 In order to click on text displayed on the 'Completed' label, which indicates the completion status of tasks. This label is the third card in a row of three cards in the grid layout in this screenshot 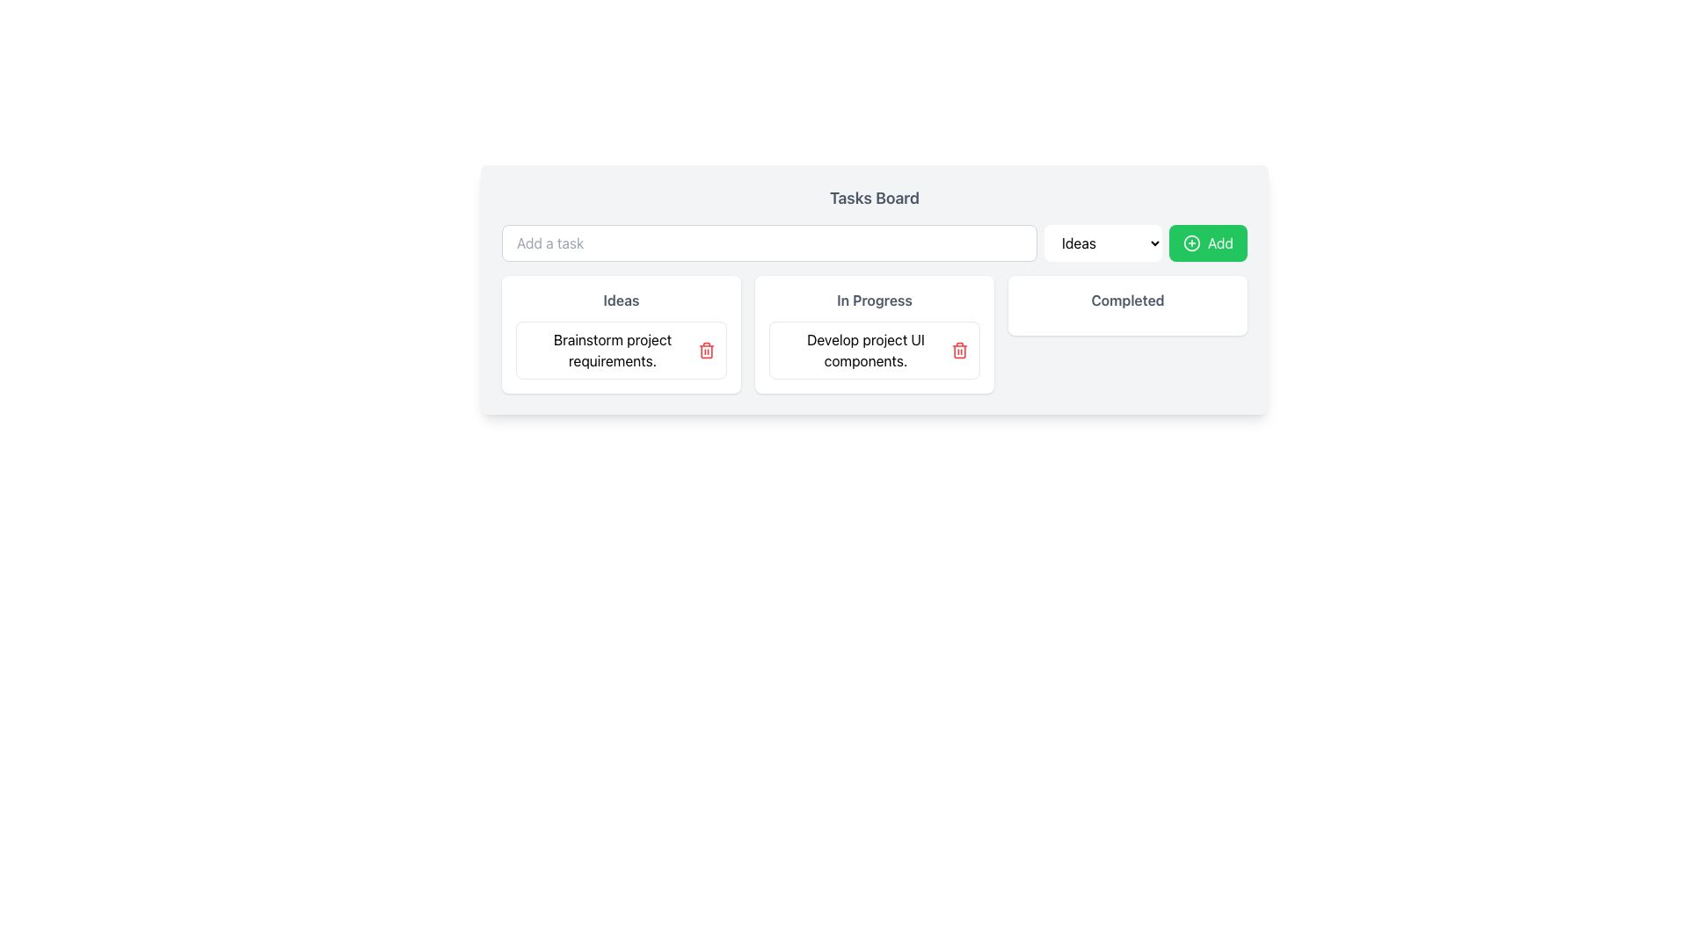, I will do `click(1127, 304)`.